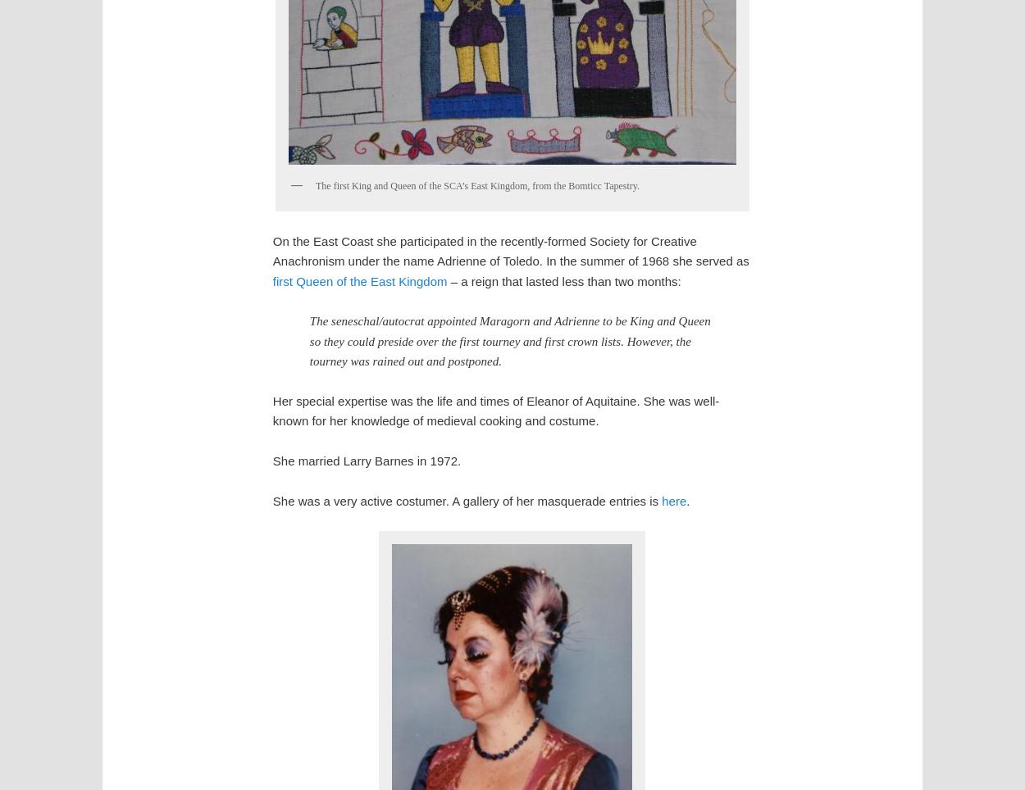 The width and height of the screenshot is (1025, 790). I want to click on 'The seneschal/autocrat appointed Maragorn and Adrienne to be King and Queen so they could preside over the first tourney and first crown lists. However, the tourney was rained out and postponed.', so click(309, 340).